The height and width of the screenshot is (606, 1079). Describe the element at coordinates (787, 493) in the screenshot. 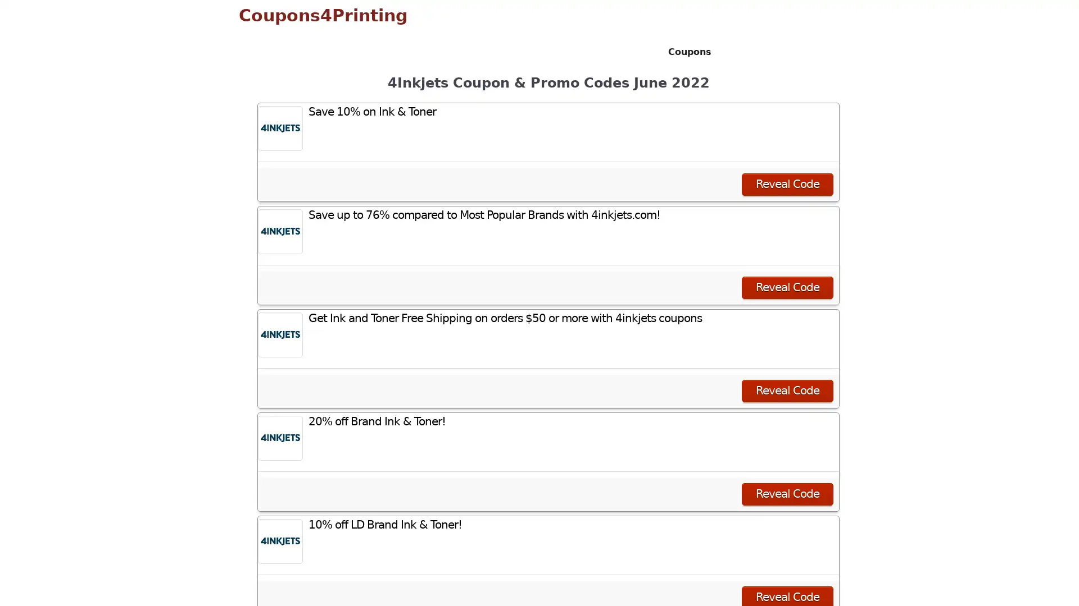

I see `Reveal Code` at that location.